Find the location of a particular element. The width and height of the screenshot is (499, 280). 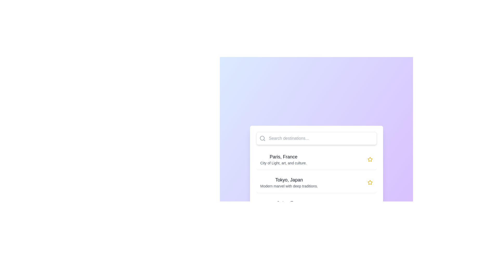

text label that says 'City of Light, art, and culture.' located directly below the heading 'Paris, France' in the destinations list is located at coordinates (283, 163).